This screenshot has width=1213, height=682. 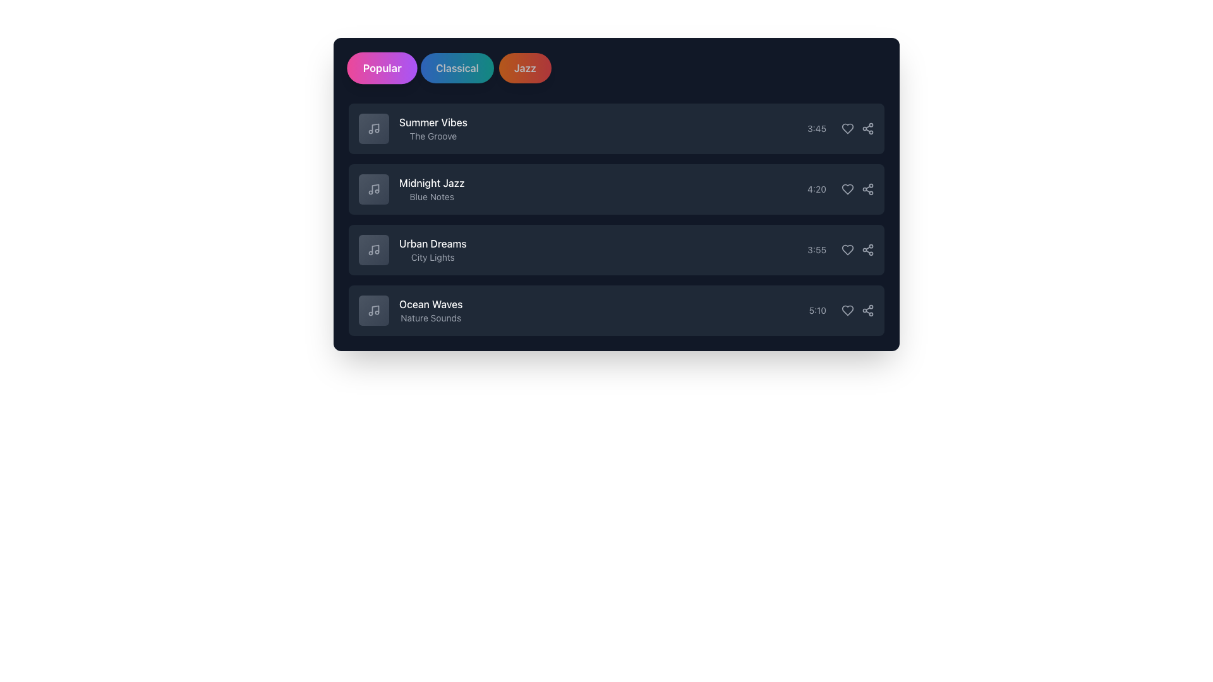 I want to click on the icon group for the 'Ocean Waves' track located in the bottom-right corner, positioned to the right of the duration '5:10', so click(x=858, y=311).